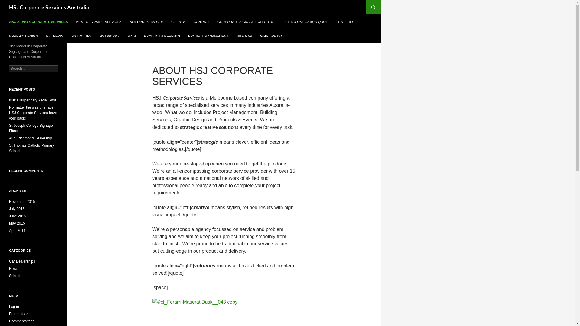  What do you see at coordinates (22, 321) in the screenshot?
I see `'Comments feed'` at bounding box center [22, 321].